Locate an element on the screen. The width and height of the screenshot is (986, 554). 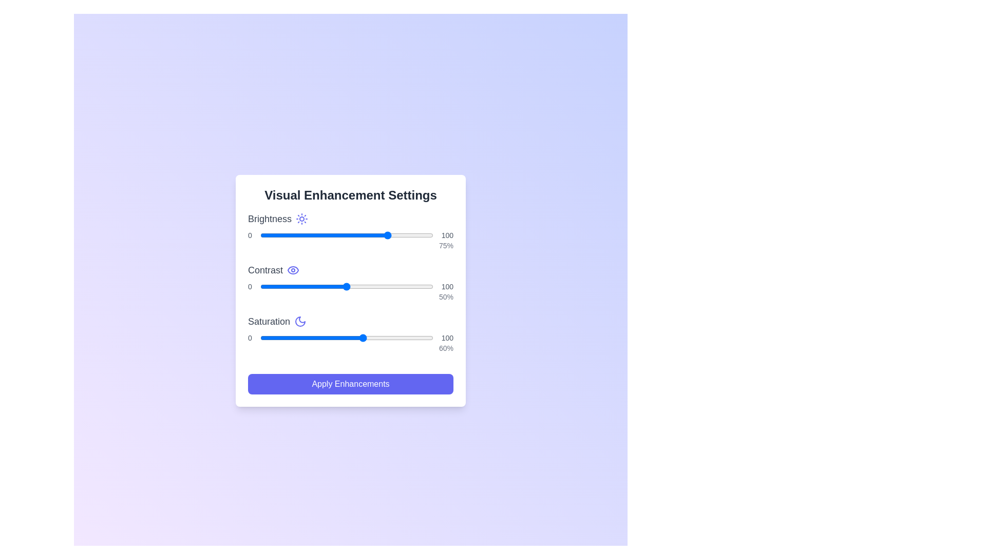
the saturation slider to 90% is located at coordinates (416, 338).